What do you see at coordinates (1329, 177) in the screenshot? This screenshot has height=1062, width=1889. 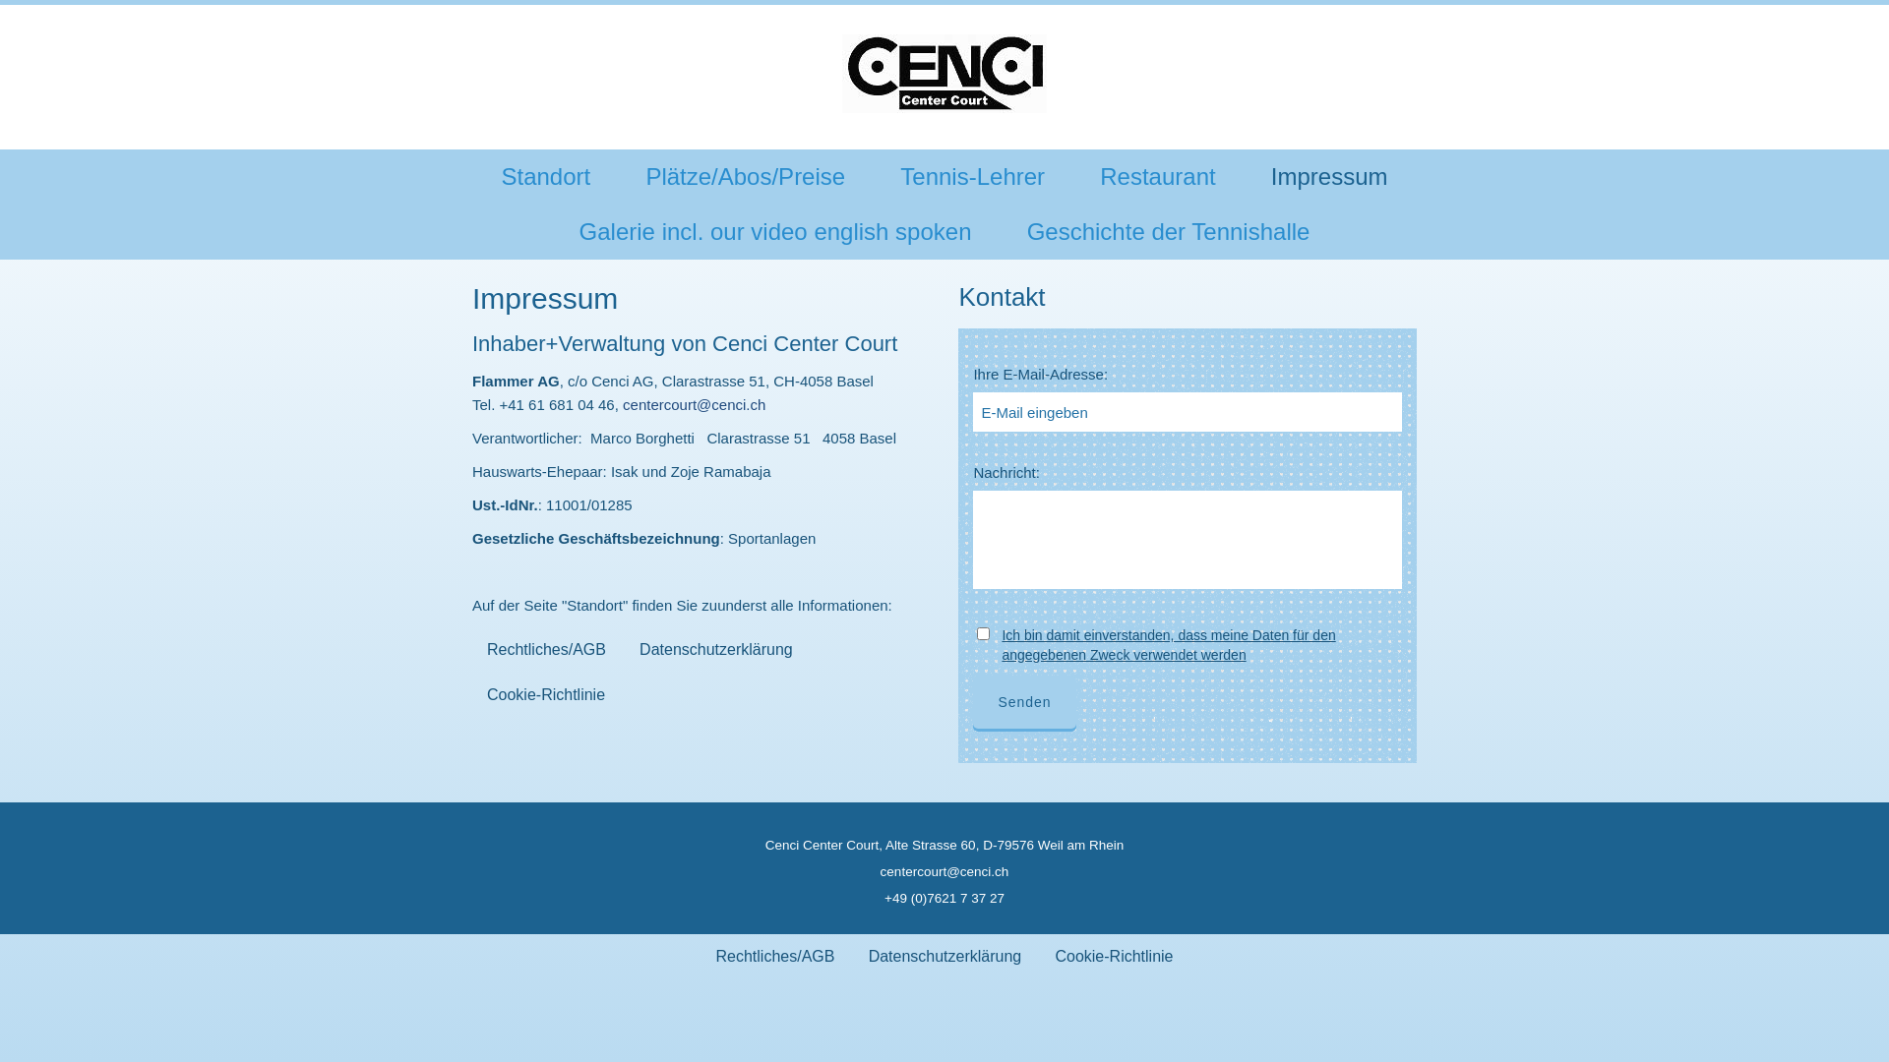 I see `'Impressum'` at bounding box center [1329, 177].